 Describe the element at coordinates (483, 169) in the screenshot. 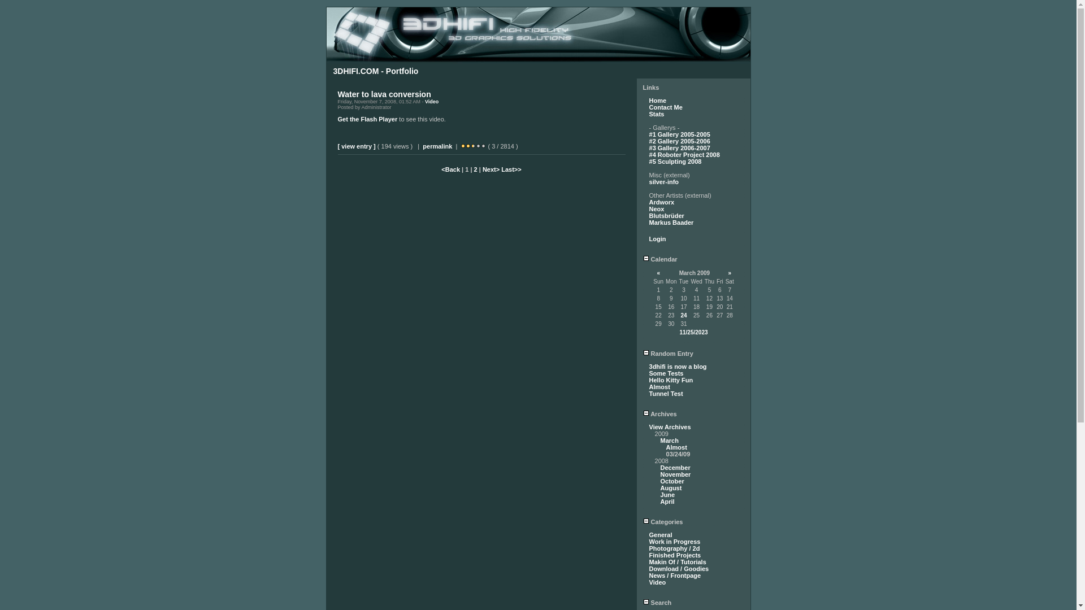

I see `'Next>'` at that location.